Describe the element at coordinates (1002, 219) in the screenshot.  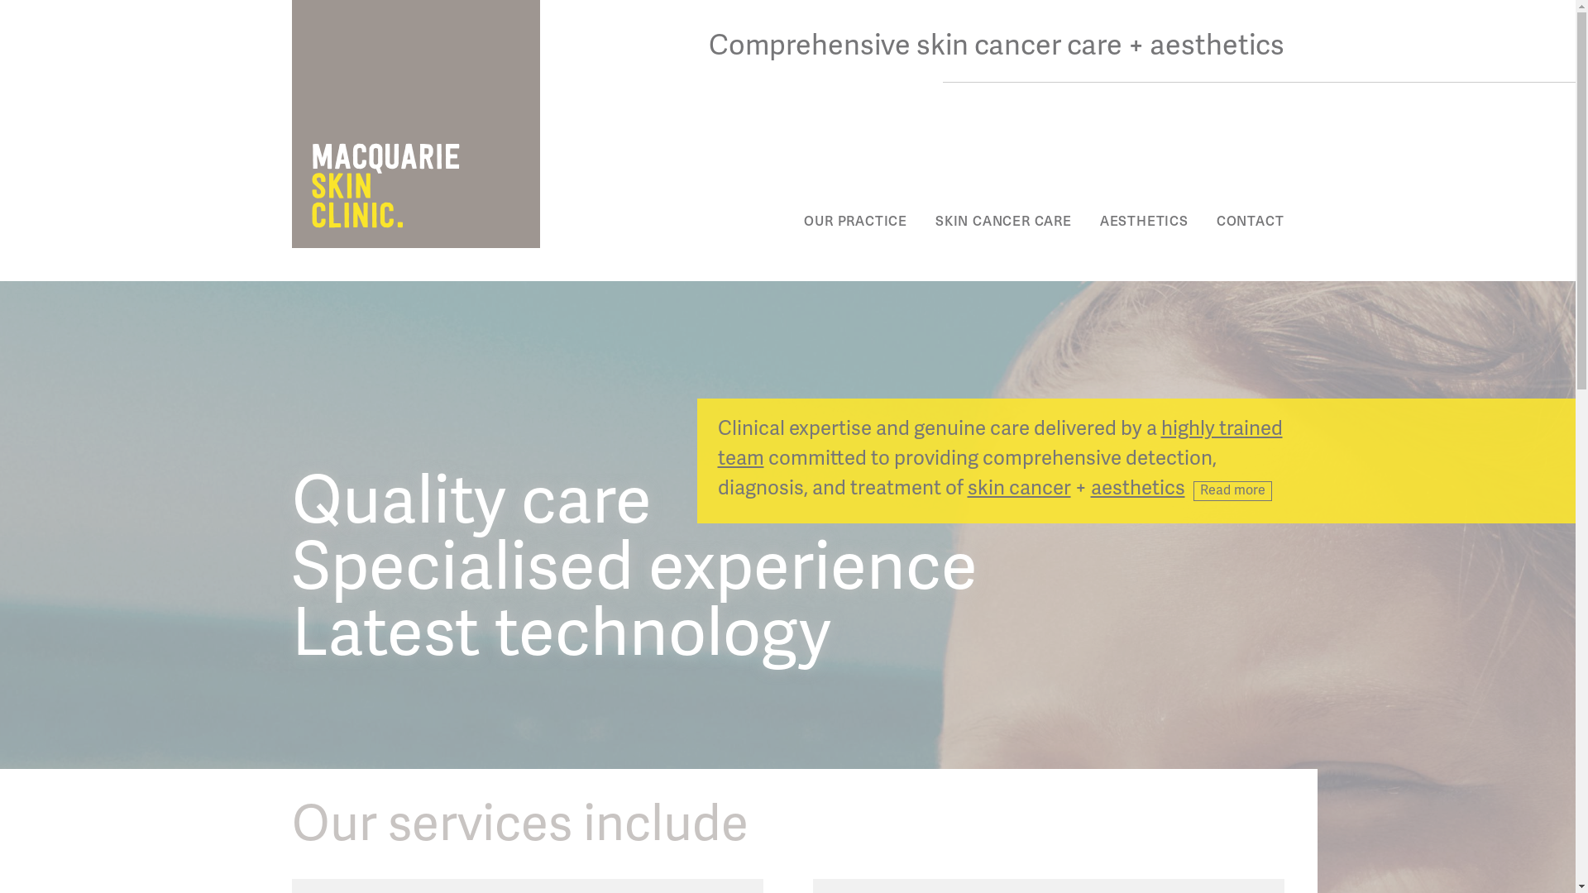
I see `'SKIN CANCER CARE'` at that location.